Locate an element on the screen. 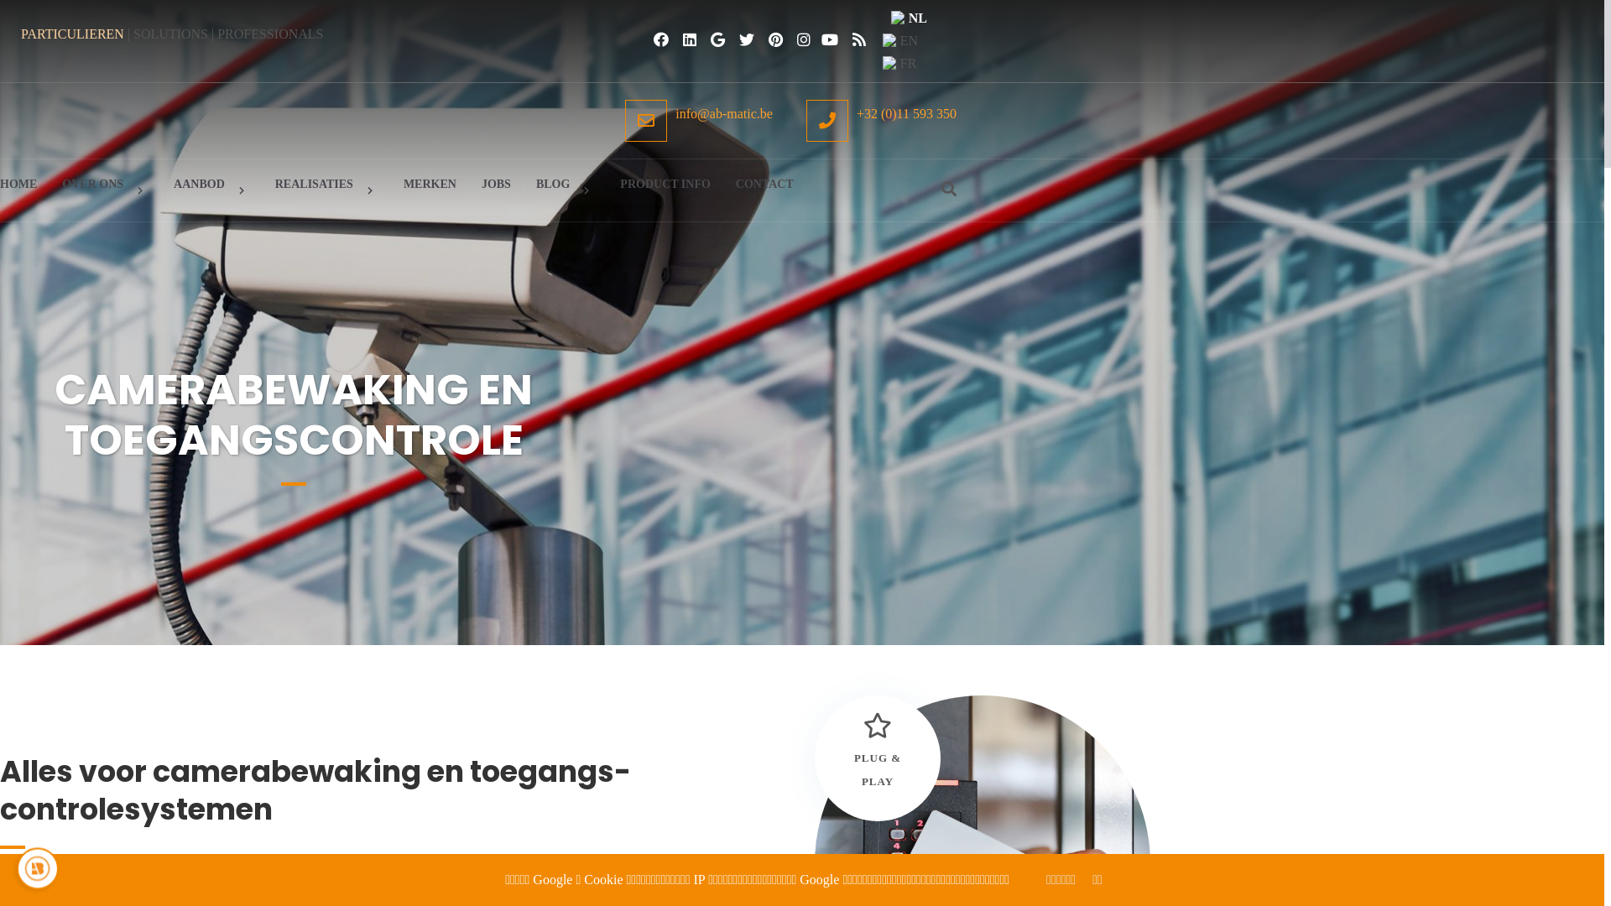  'PARTICULIEREN' is located at coordinates (20, 34).